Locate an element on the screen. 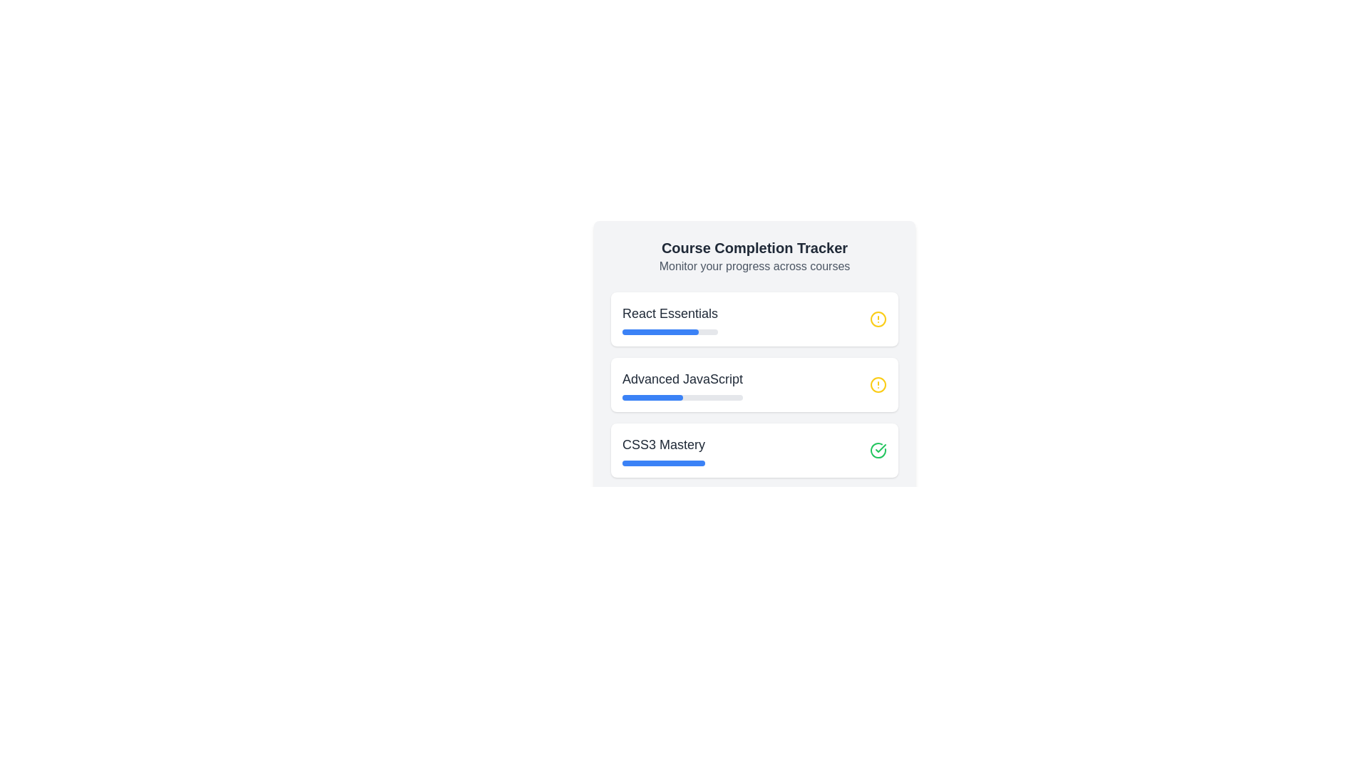  the progress indicator bar for the 'Advanced JavaScript' course, which visually displays the completion percentage and is the second progress bar in the 'Course Completion Tracker' is located at coordinates (652, 398).